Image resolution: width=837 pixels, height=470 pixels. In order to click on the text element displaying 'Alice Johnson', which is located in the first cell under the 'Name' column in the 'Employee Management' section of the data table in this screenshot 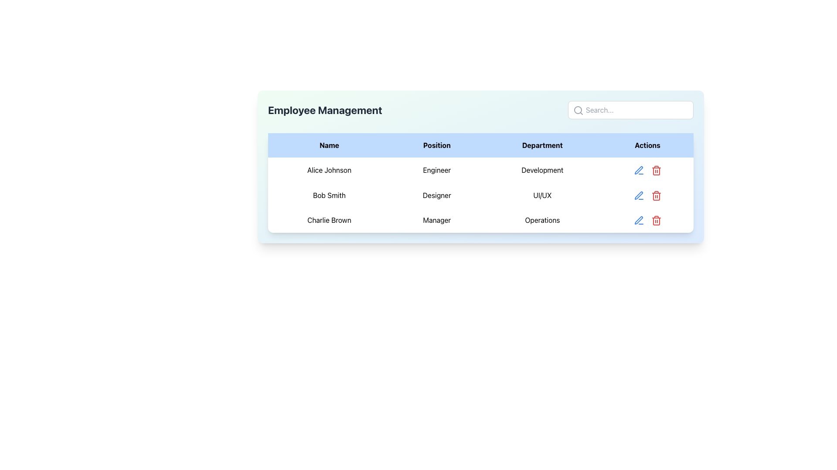, I will do `click(329, 170)`.